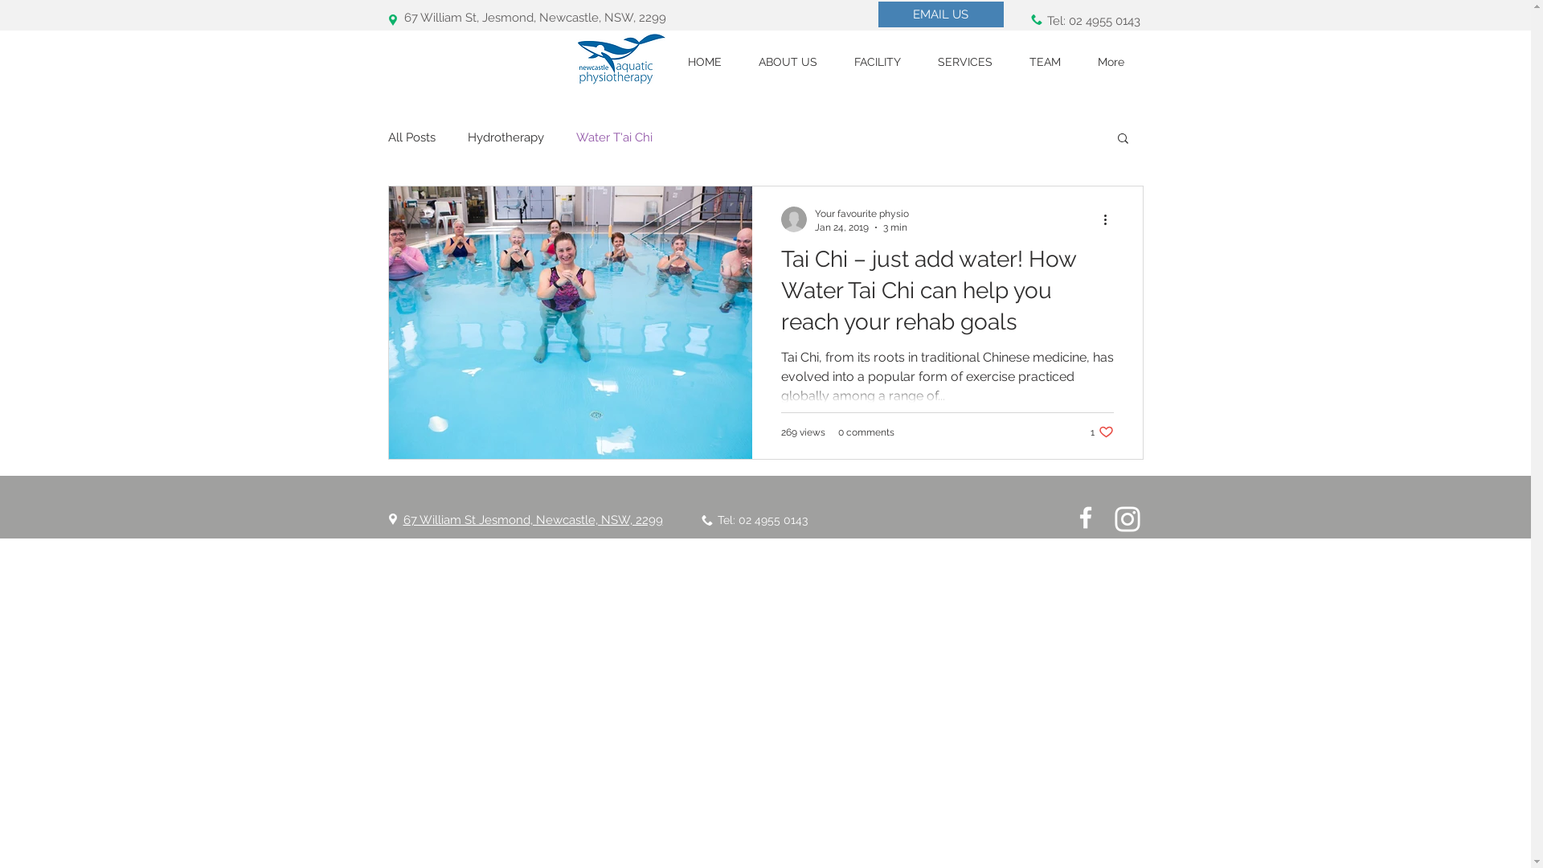  I want to click on 'EMAIL US', so click(940, 14).